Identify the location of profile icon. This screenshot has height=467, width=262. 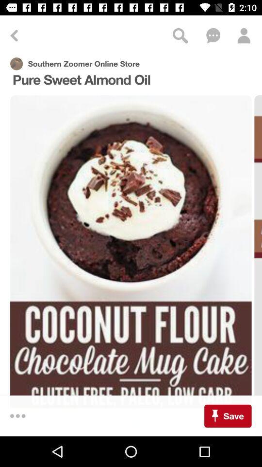
(244, 36).